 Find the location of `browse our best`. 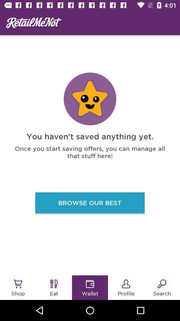

browse our best is located at coordinates (90, 202).